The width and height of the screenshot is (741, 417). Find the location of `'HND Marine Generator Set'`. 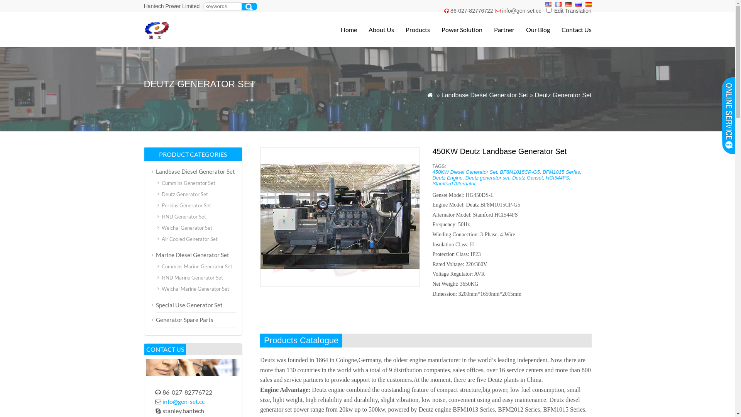

'HND Marine Generator Set' is located at coordinates (161, 277).